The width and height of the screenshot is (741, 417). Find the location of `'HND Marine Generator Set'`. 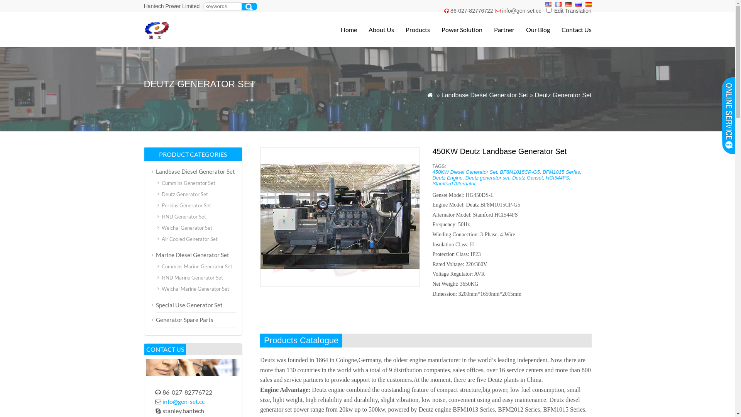

'HND Marine Generator Set' is located at coordinates (161, 277).